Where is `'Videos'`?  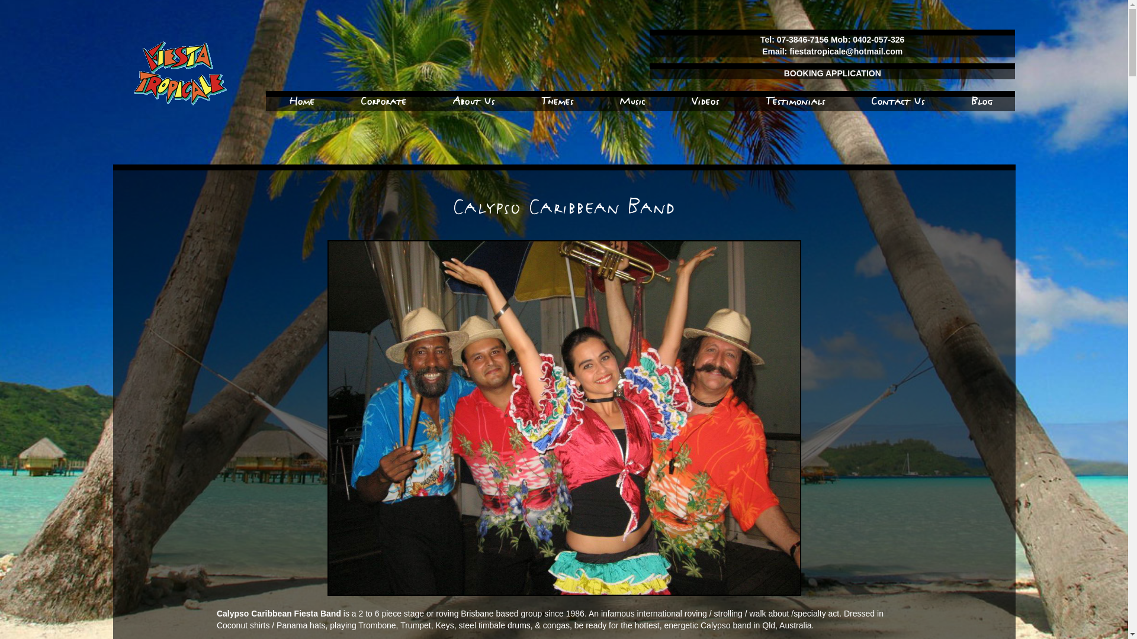
'Videos' is located at coordinates (705, 100).